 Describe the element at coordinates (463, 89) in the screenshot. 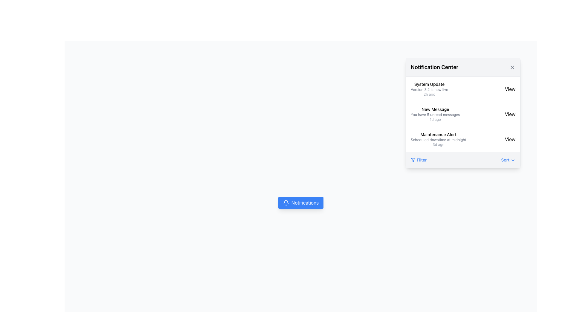

I see `the 'System Update' notification entry in the Notification Center for potential additional interactions` at that location.